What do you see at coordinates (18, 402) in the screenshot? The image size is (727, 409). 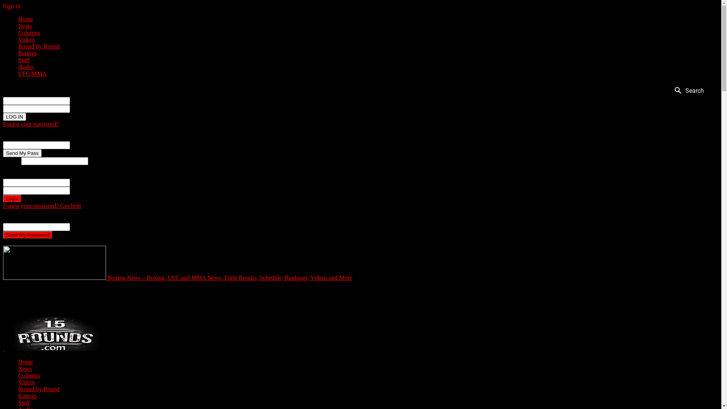 I see `'Staff'` at bounding box center [18, 402].